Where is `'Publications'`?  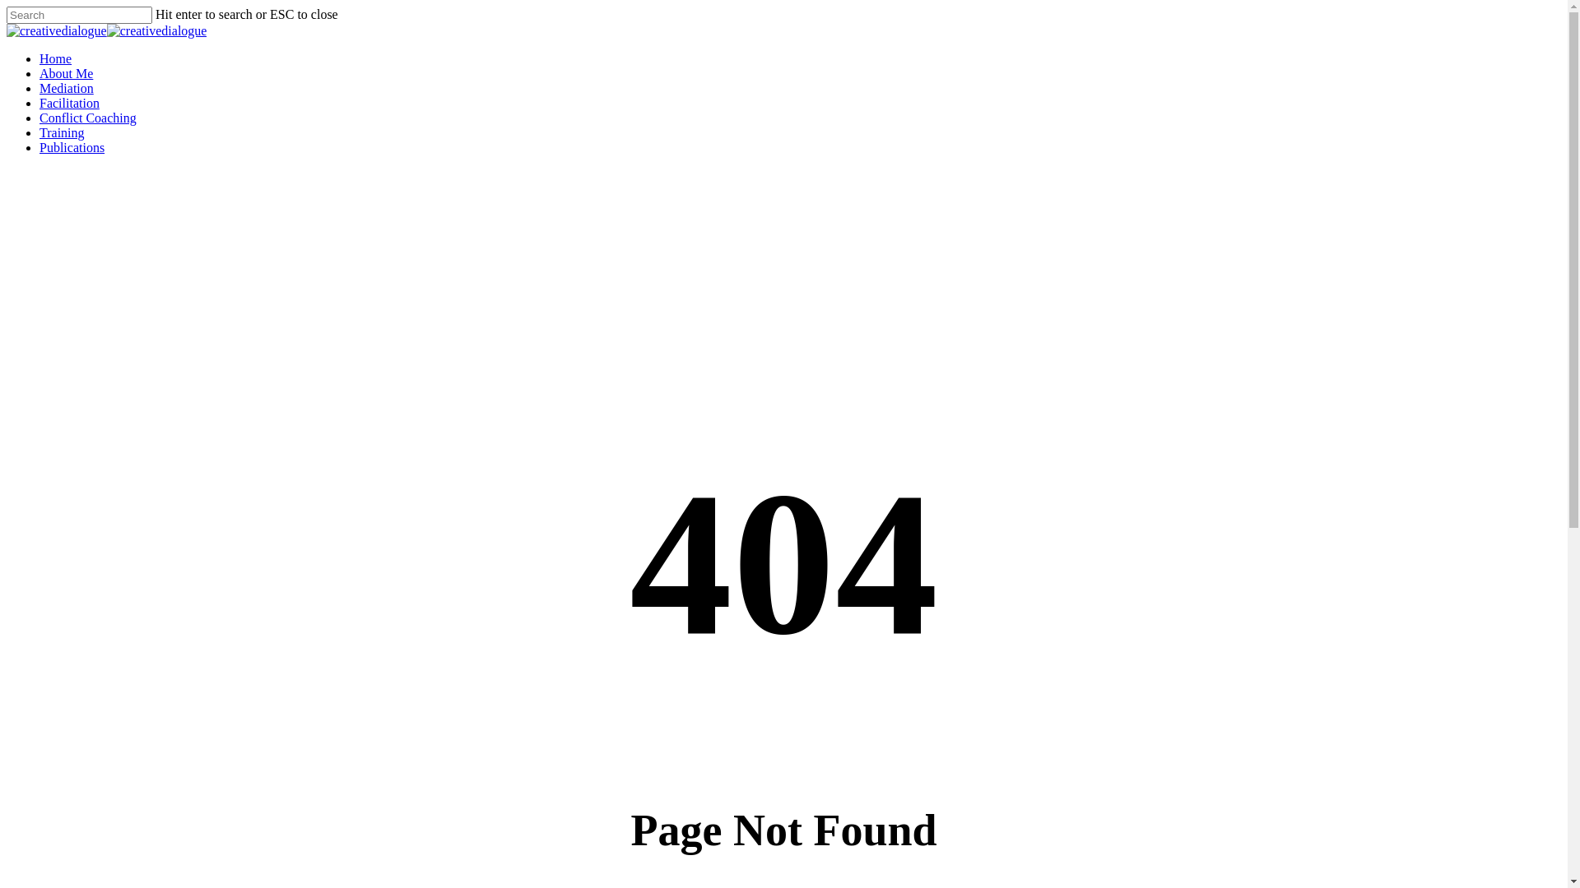 'Publications' is located at coordinates (39, 146).